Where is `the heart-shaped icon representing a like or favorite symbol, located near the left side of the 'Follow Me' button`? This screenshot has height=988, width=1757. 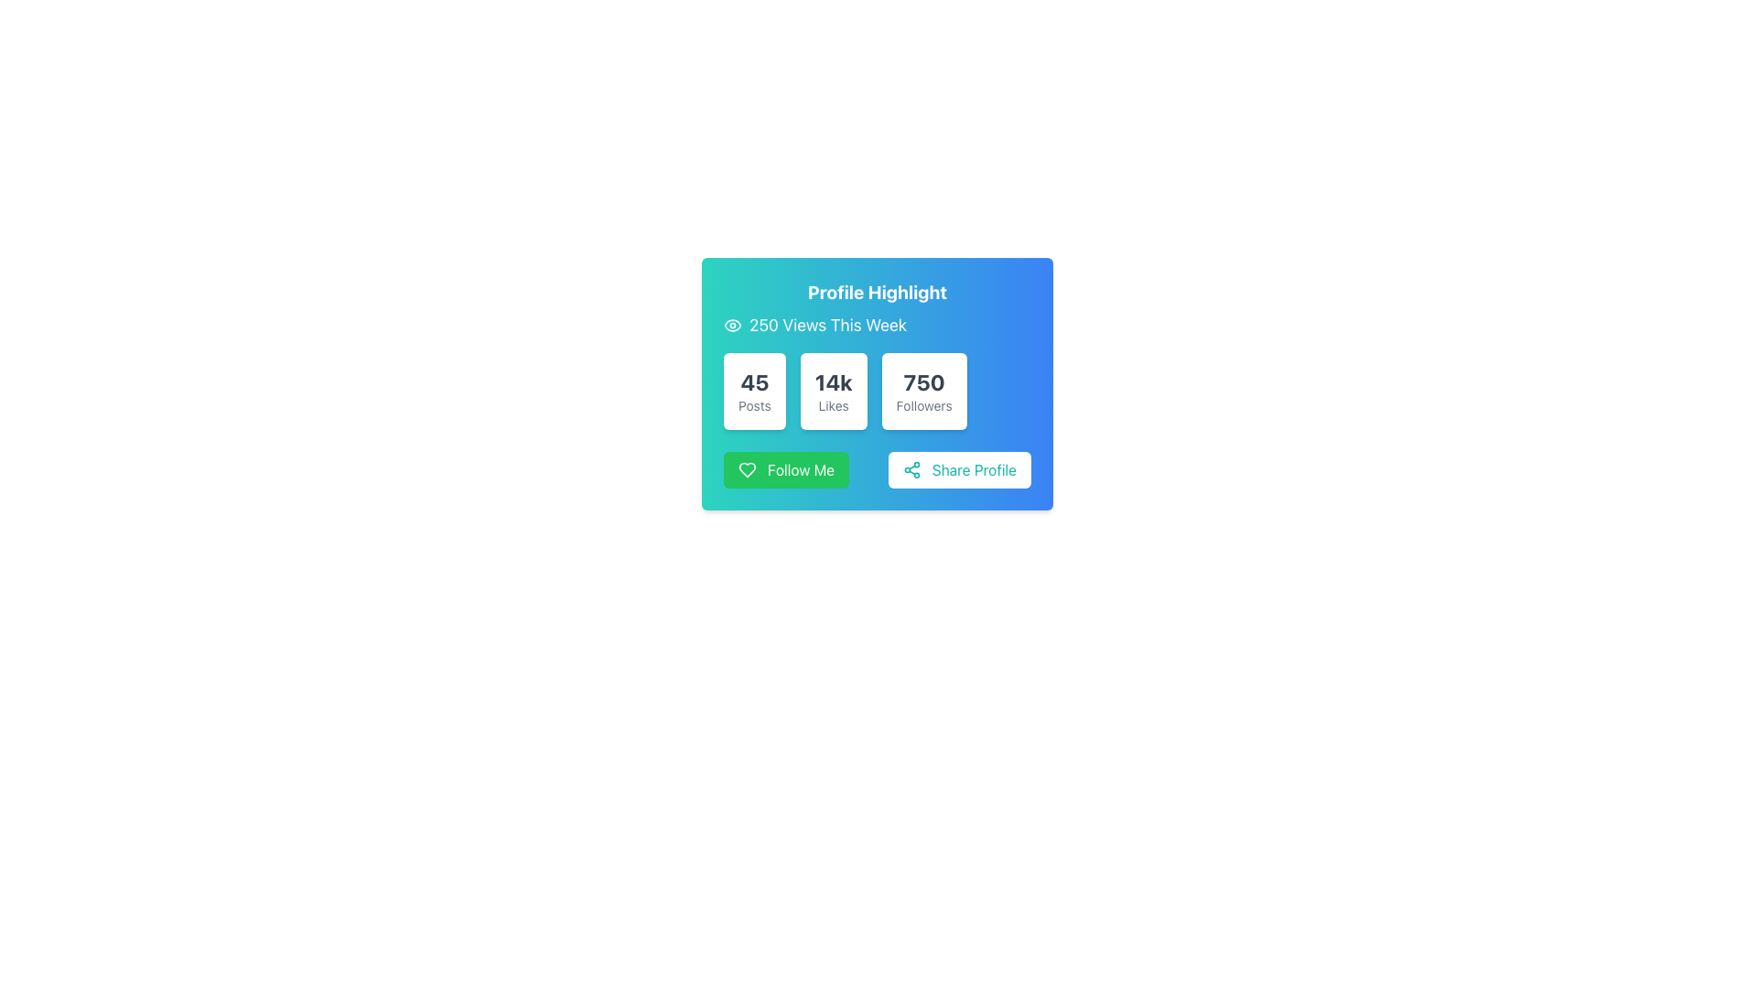 the heart-shaped icon representing a like or favorite symbol, located near the left side of the 'Follow Me' button is located at coordinates (747, 468).